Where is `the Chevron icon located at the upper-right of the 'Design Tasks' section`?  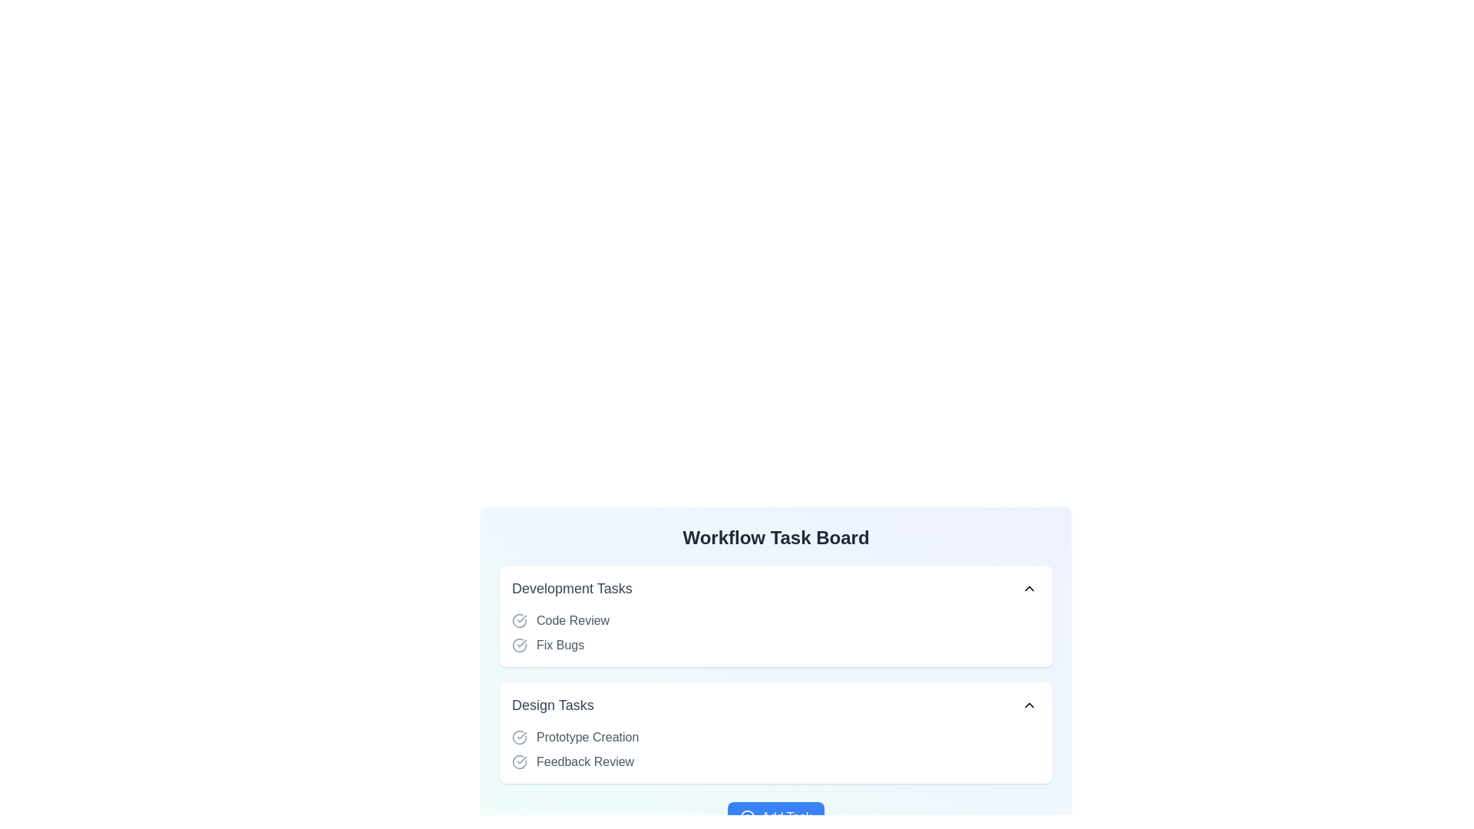 the Chevron icon located at the upper-right of the 'Design Tasks' section is located at coordinates (1029, 705).